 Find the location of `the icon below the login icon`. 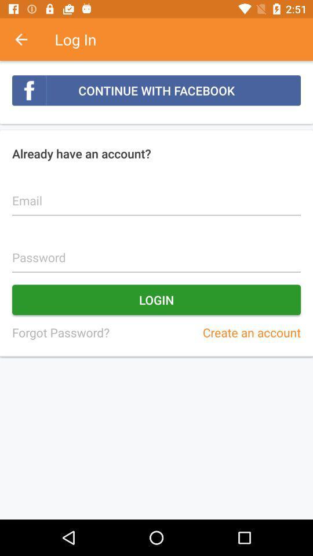

the icon below the login icon is located at coordinates (60, 332).